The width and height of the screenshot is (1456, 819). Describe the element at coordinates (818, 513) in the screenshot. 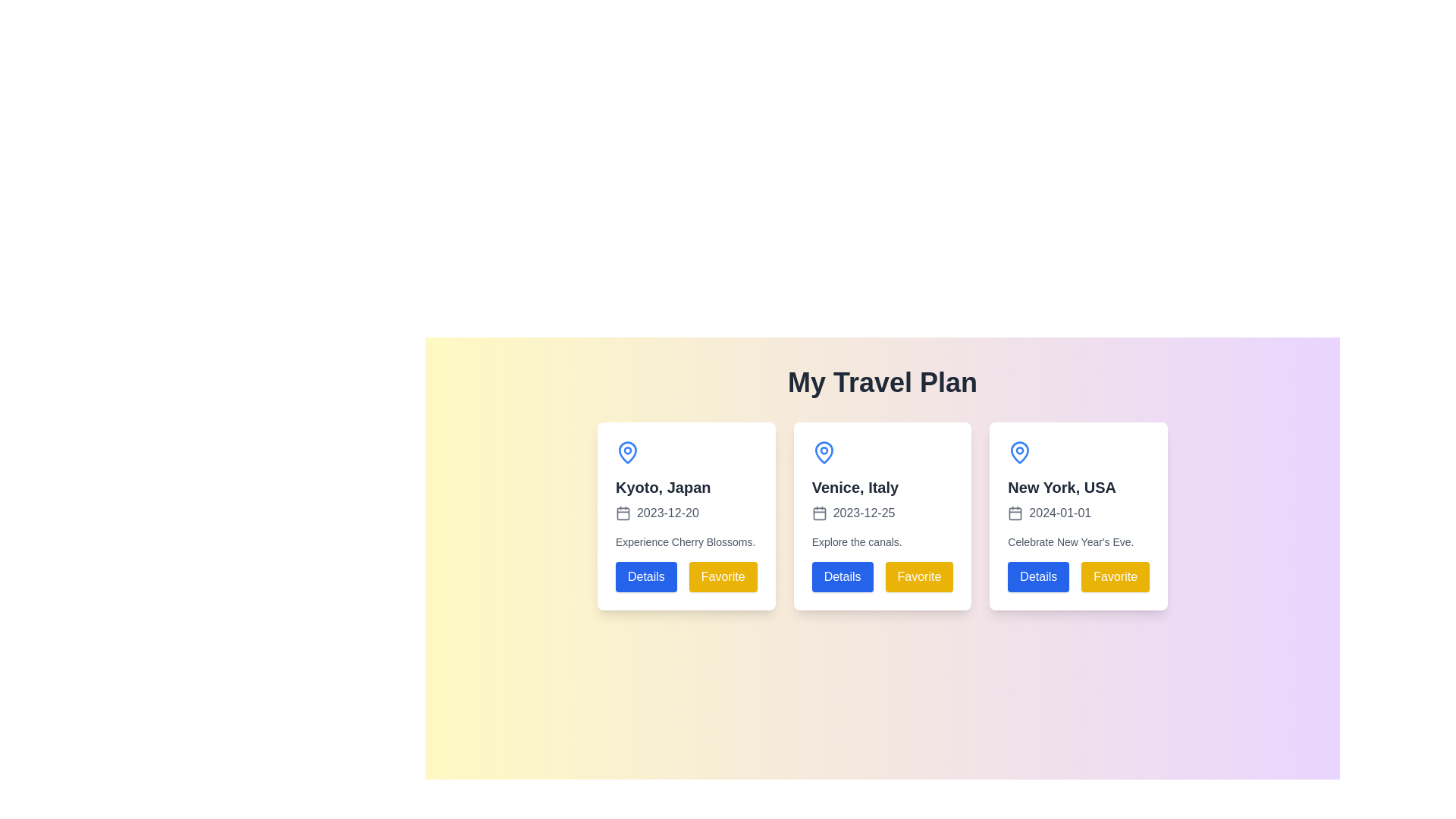

I see `the calendar icon located in the 'Venice, Italy' card, which is positioned to the left of the date '2023-12-25'` at that location.